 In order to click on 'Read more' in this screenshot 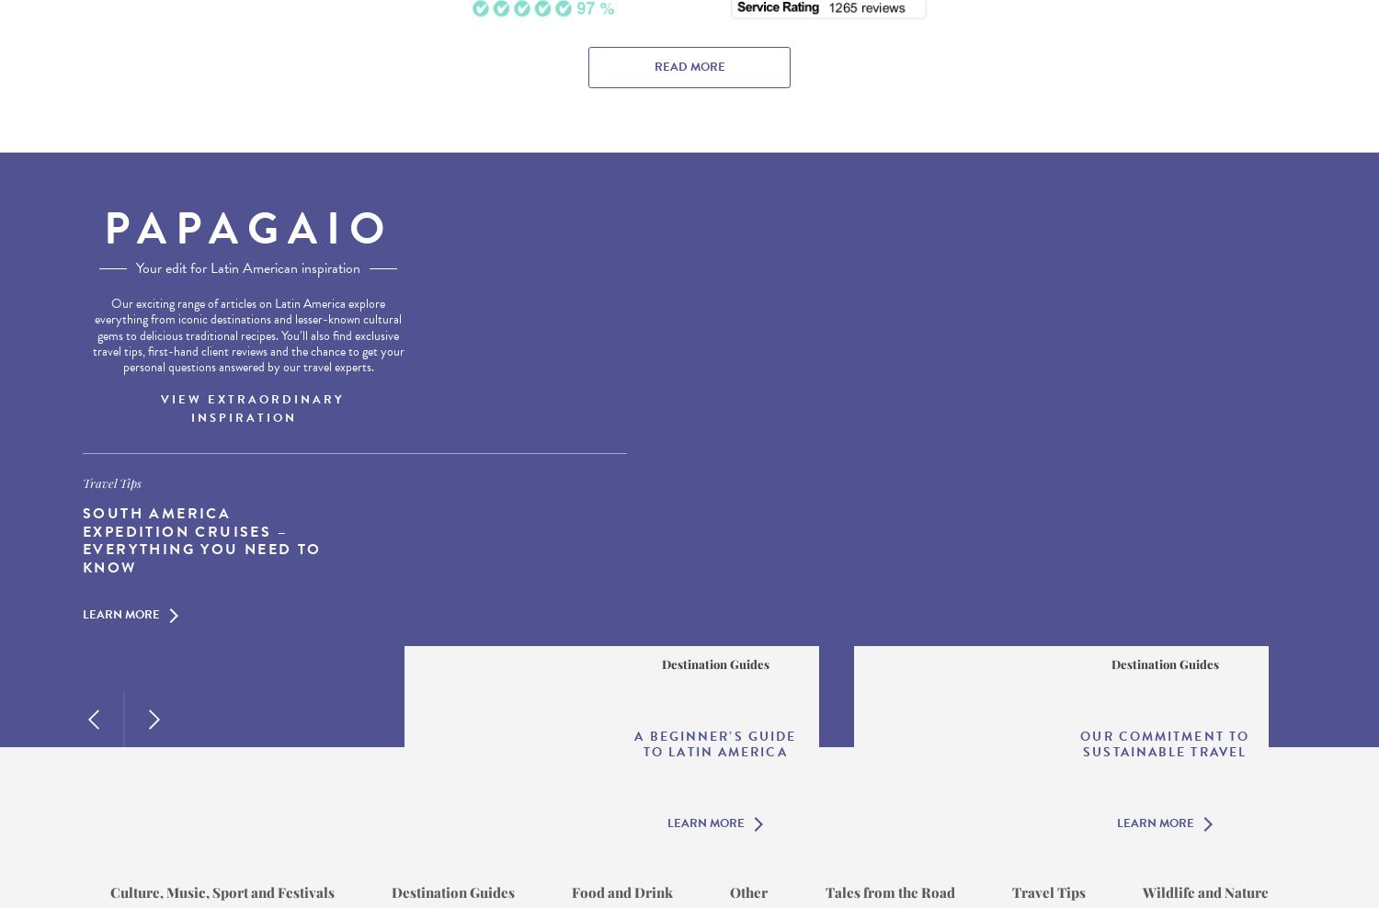, I will do `click(653, 66)`.